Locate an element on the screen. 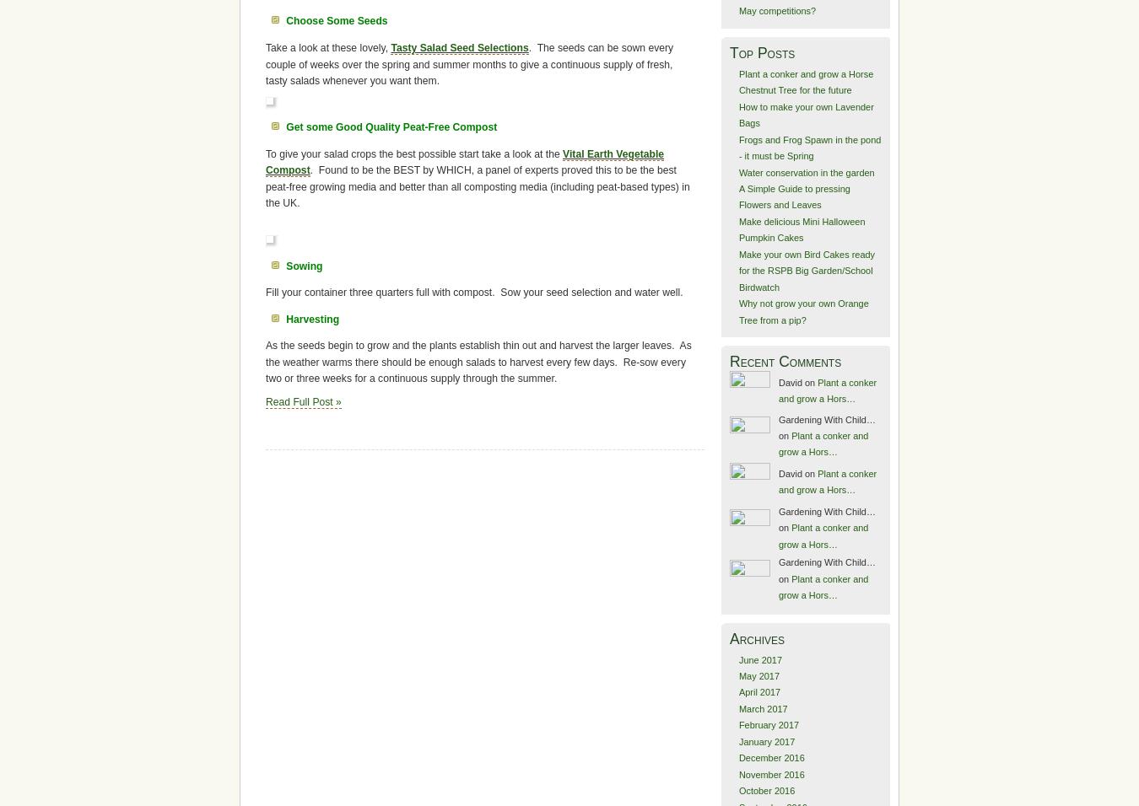 This screenshot has width=1139, height=806. 'Recent Comments' is located at coordinates (784, 361).